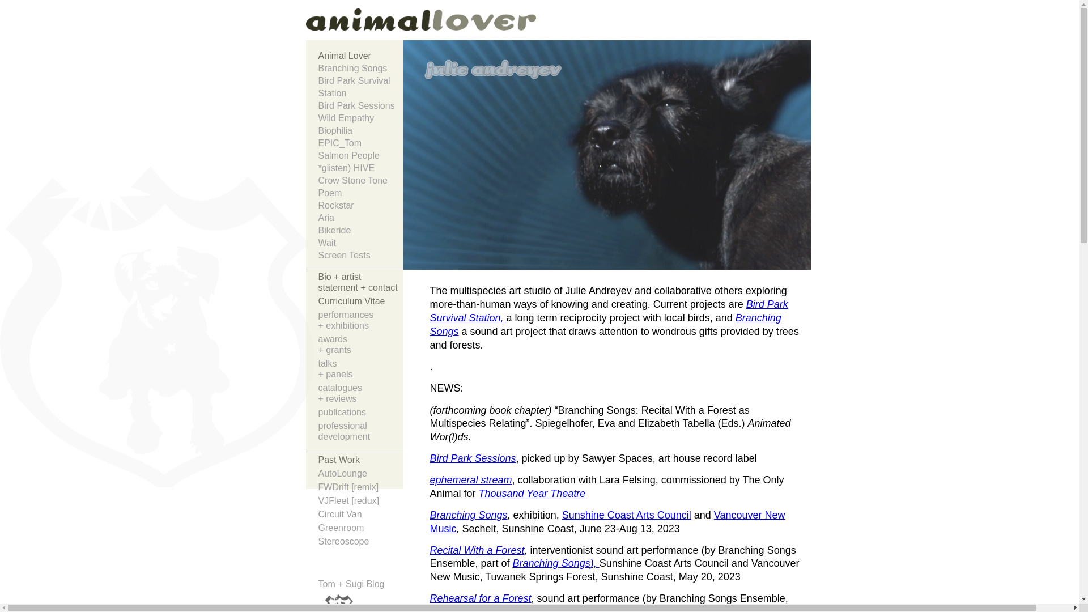  I want to click on 'Animal Lover', so click(360, 56).